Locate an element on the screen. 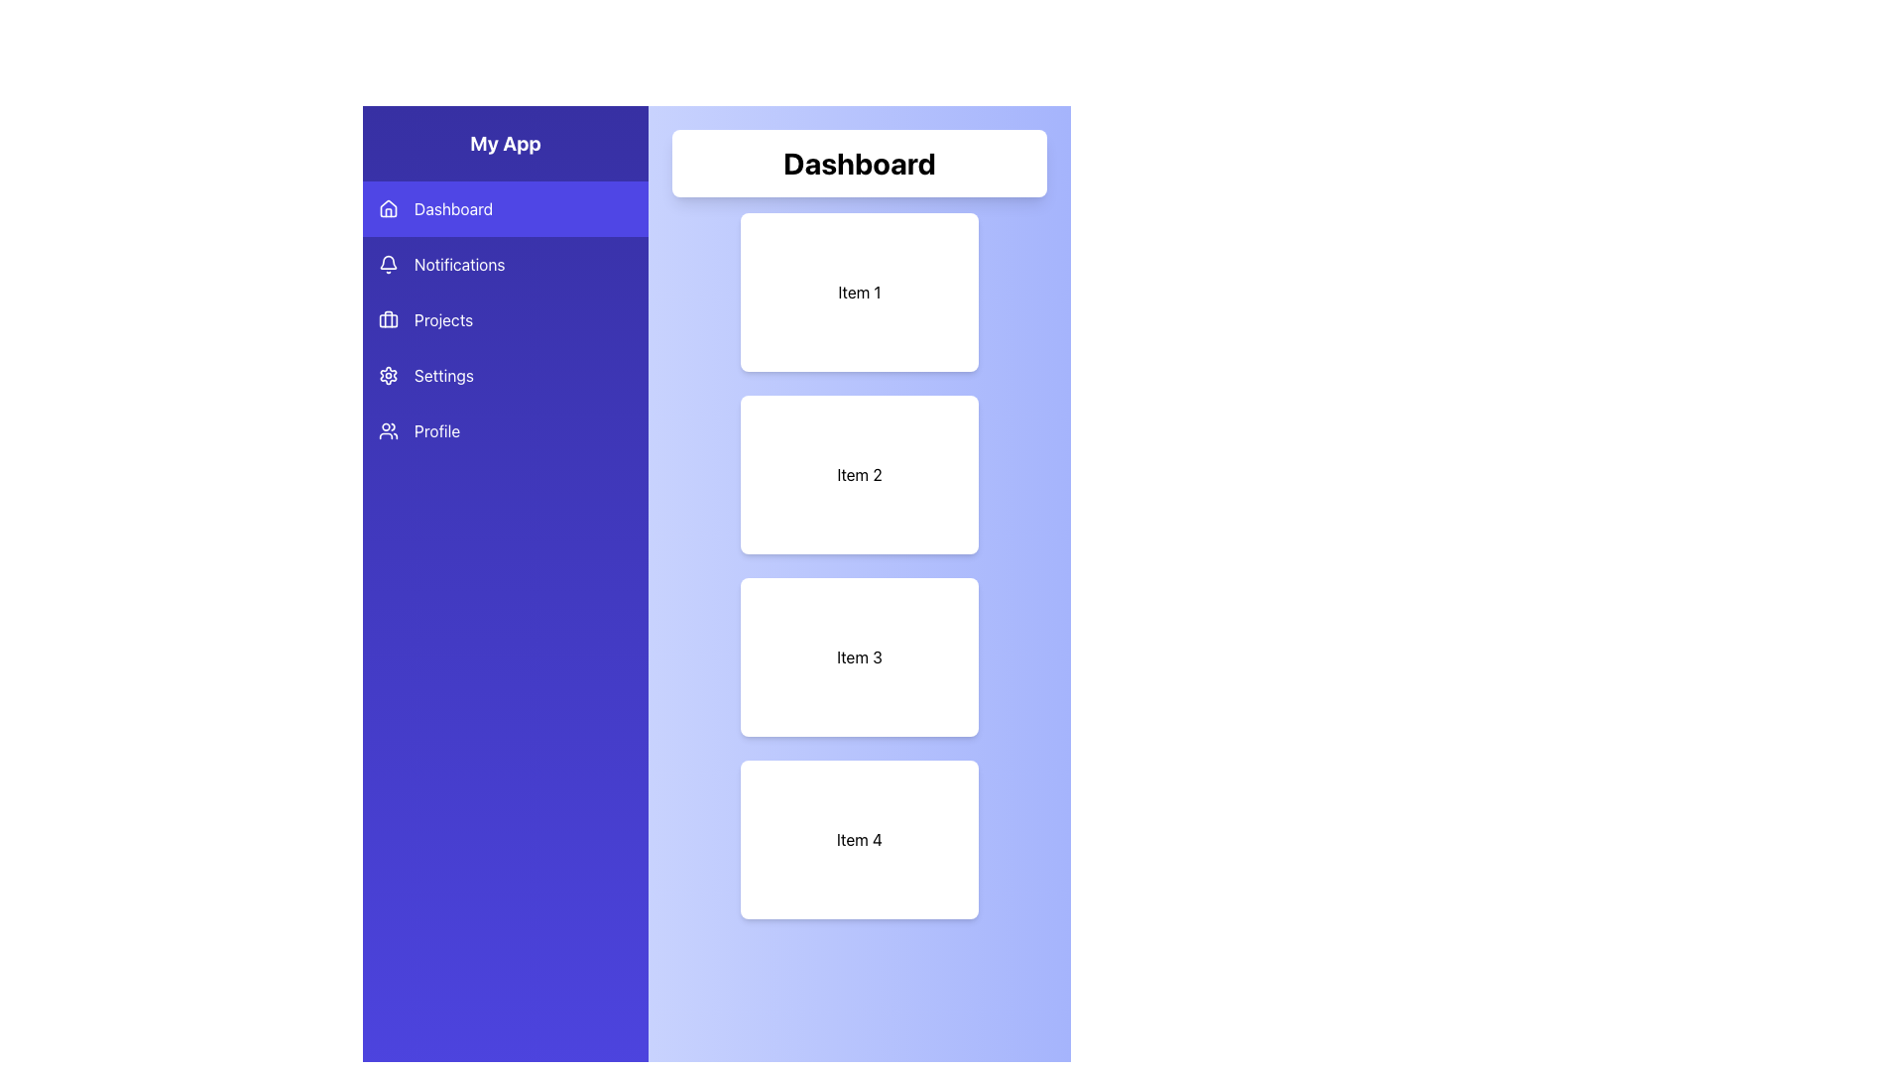 The image size is (1904, 1071). the compact icon resembling a group of people located to the left of the 'Profile' label in the vertical navigation menu is located at coordinates (389, 430).